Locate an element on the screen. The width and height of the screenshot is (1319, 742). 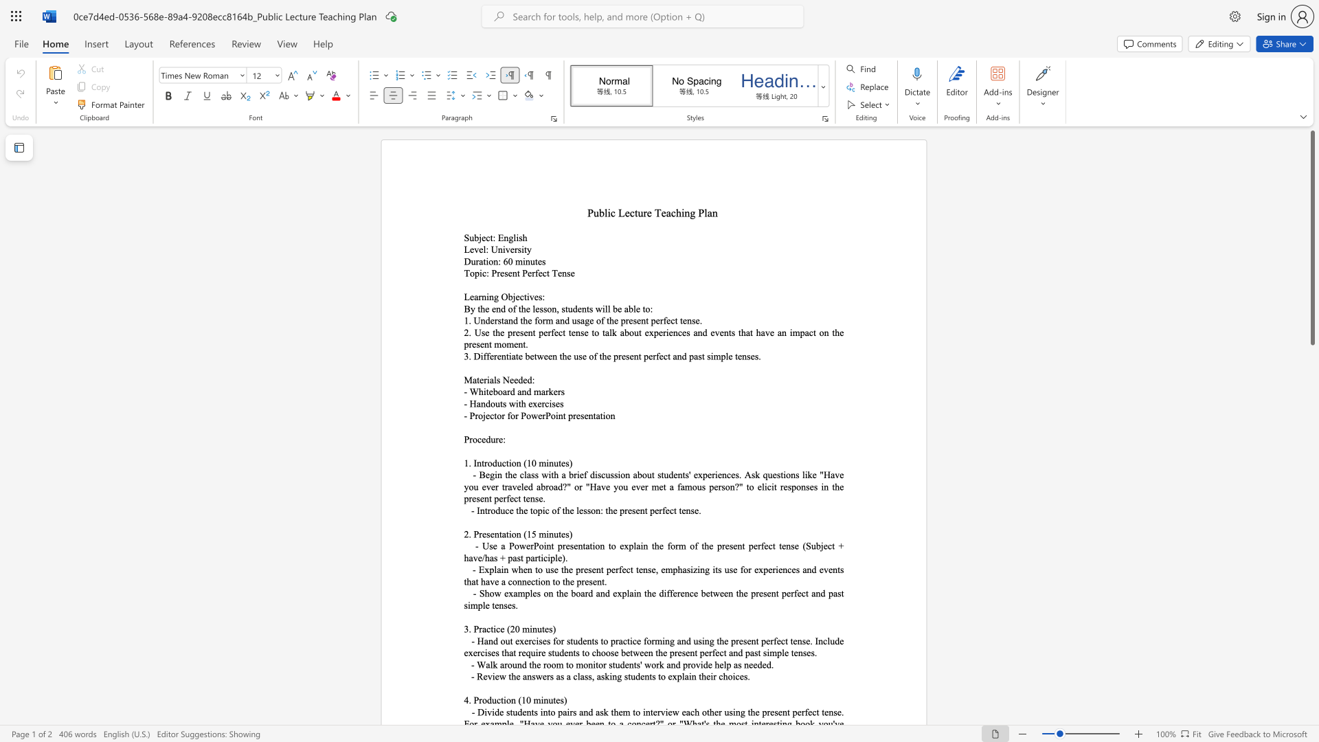
the subset text "t perfect and past simple tense" within the text "- Show examples on the board and explain the difference between the present perfect and past simple tenses." is located at coordinates (776, 593).